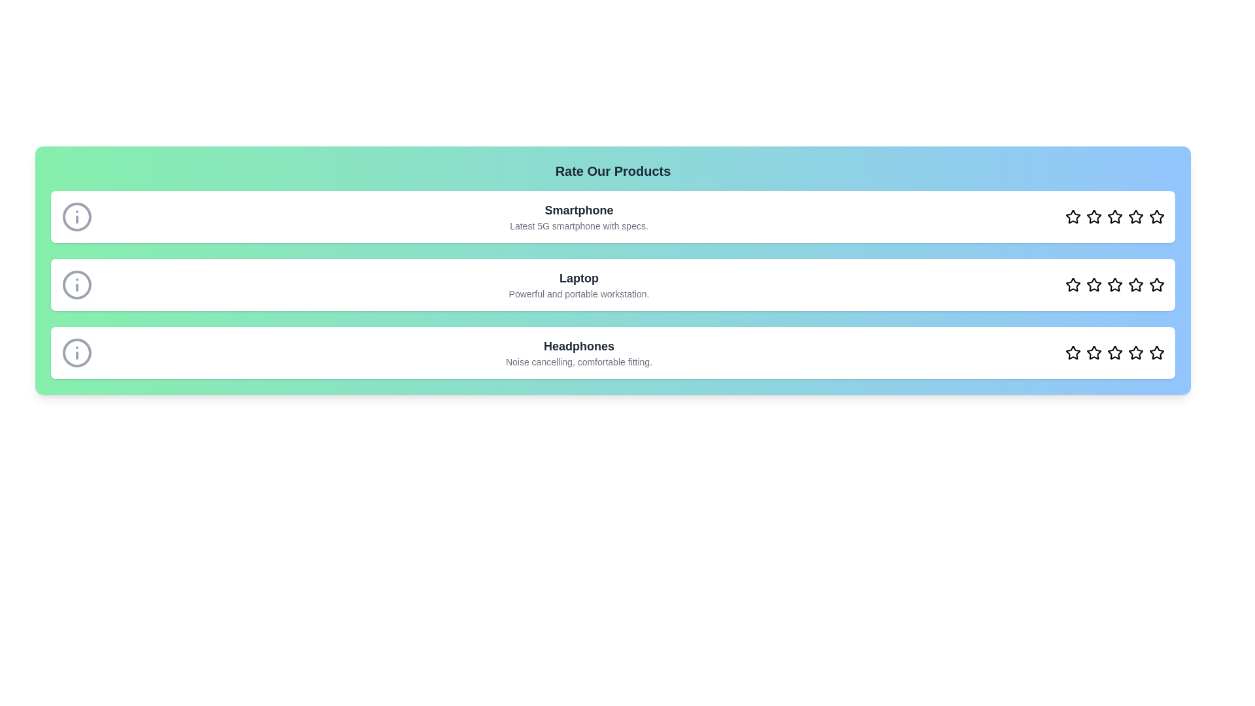  I want to click on the text label displaying 'Powerful and portable workstation.' which is positioned below the 'Laptop' heading, so click(578, 294).